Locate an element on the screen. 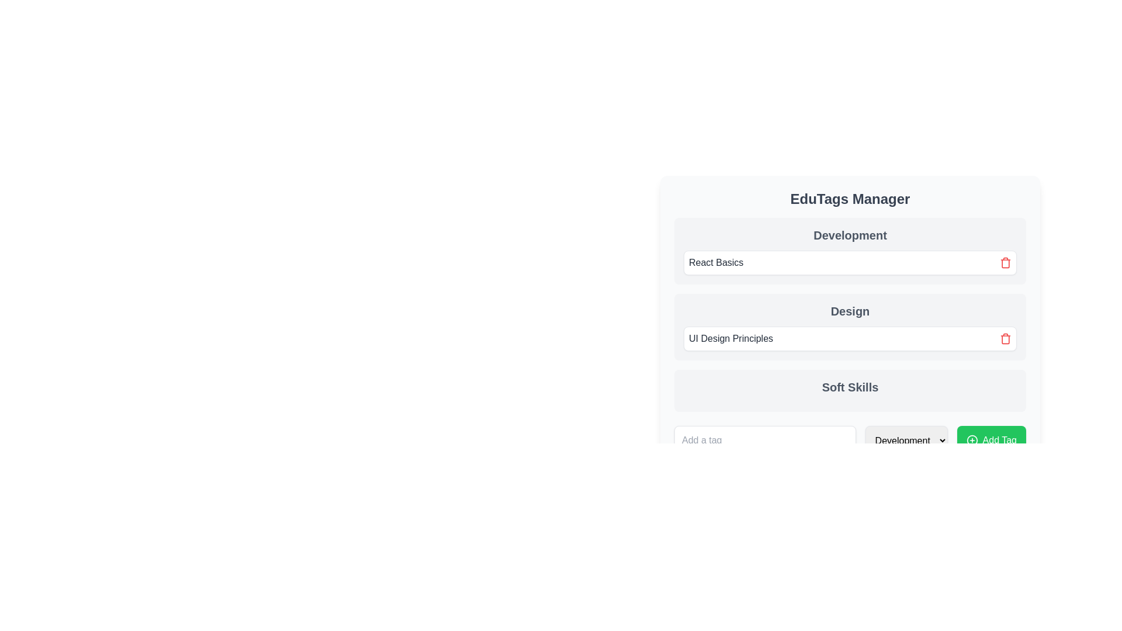 This screenshot has width=1122, height=631. the static text label displaying 'Soft Skills' which is styled in a large, bold font and located below the 'Development' and 'Design' sections is located at coordinates (850, 387).